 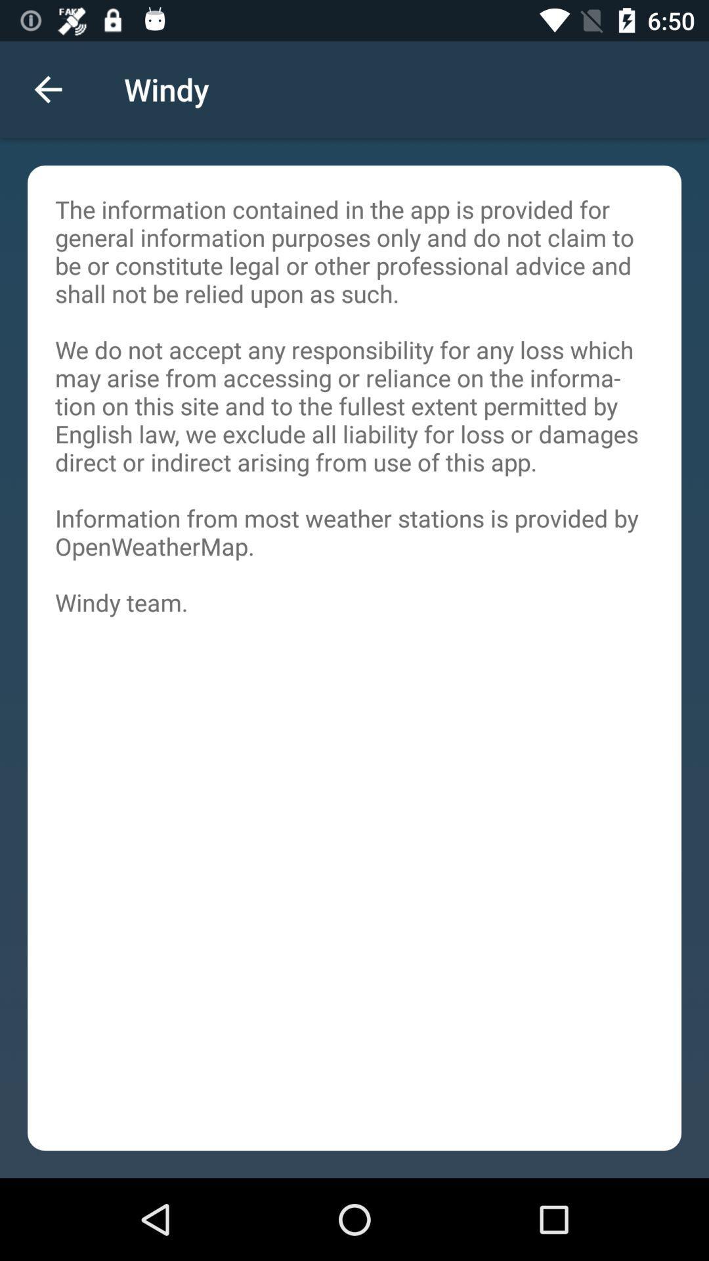 What do you see at coordinates (47, 89) in the screenshot?
I see `the icon above the the information contained` at bounding box center [47, 89].